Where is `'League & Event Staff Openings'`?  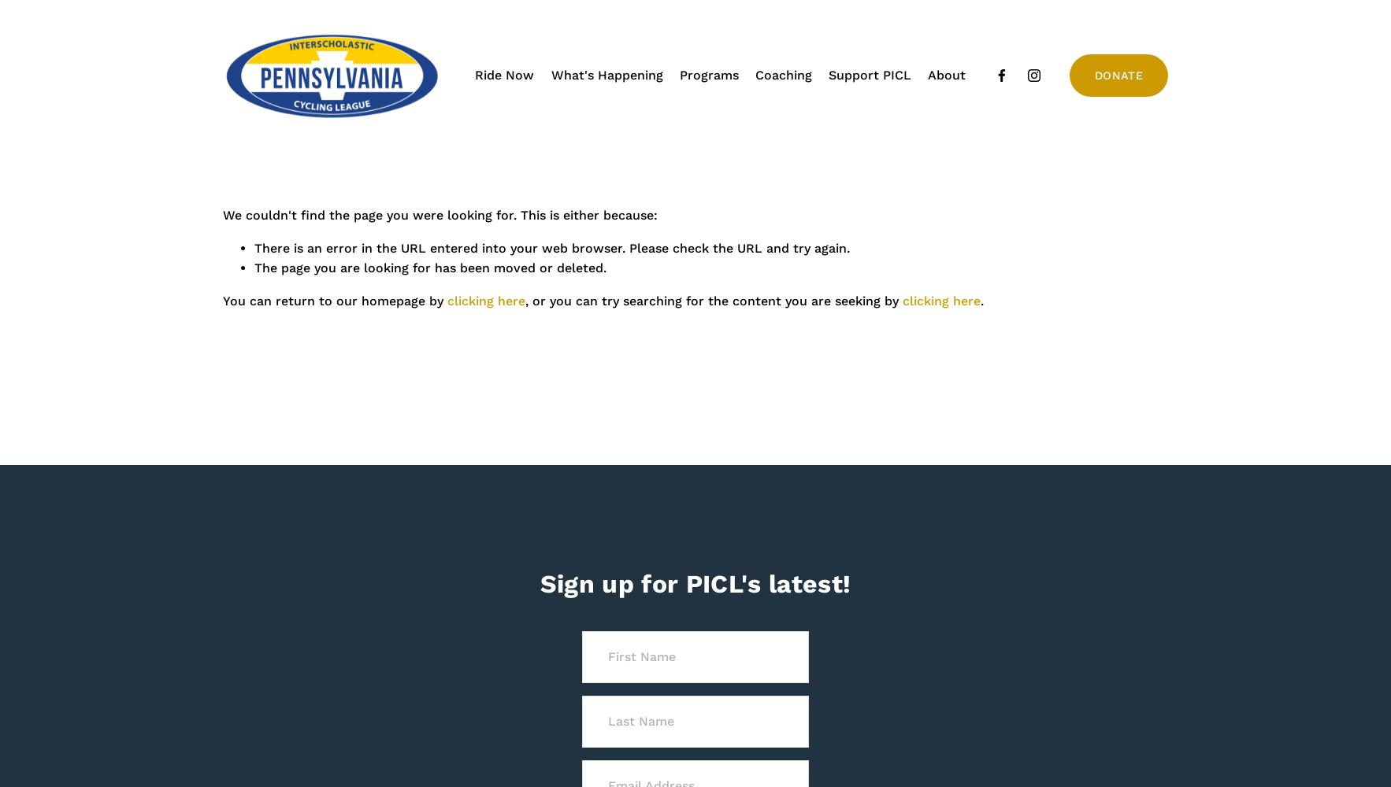
'League & Event Staff Openings' is located at coordinates (870, 139).